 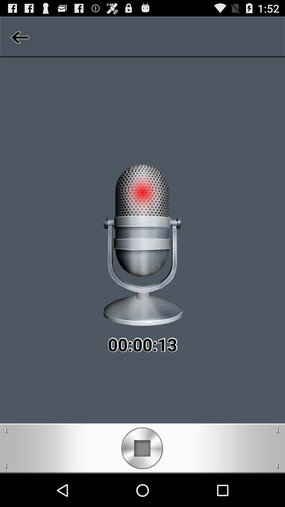 I want to click on go back, so click(x=19, y=37).